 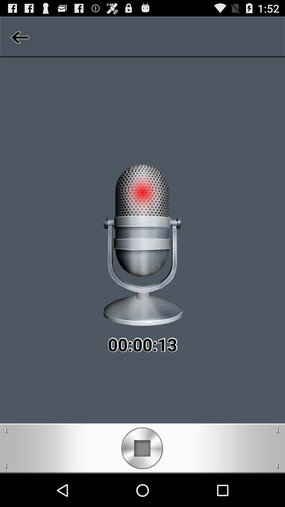 I want to click on go back, so click(x=19, y=37).